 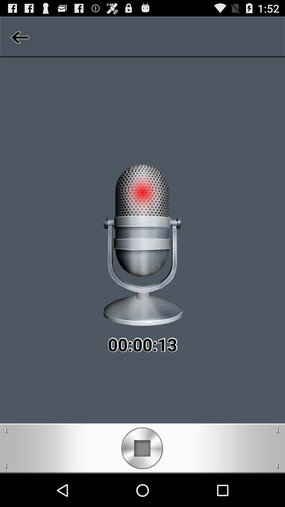 I want to click on go back, so click(x=19, y=37).